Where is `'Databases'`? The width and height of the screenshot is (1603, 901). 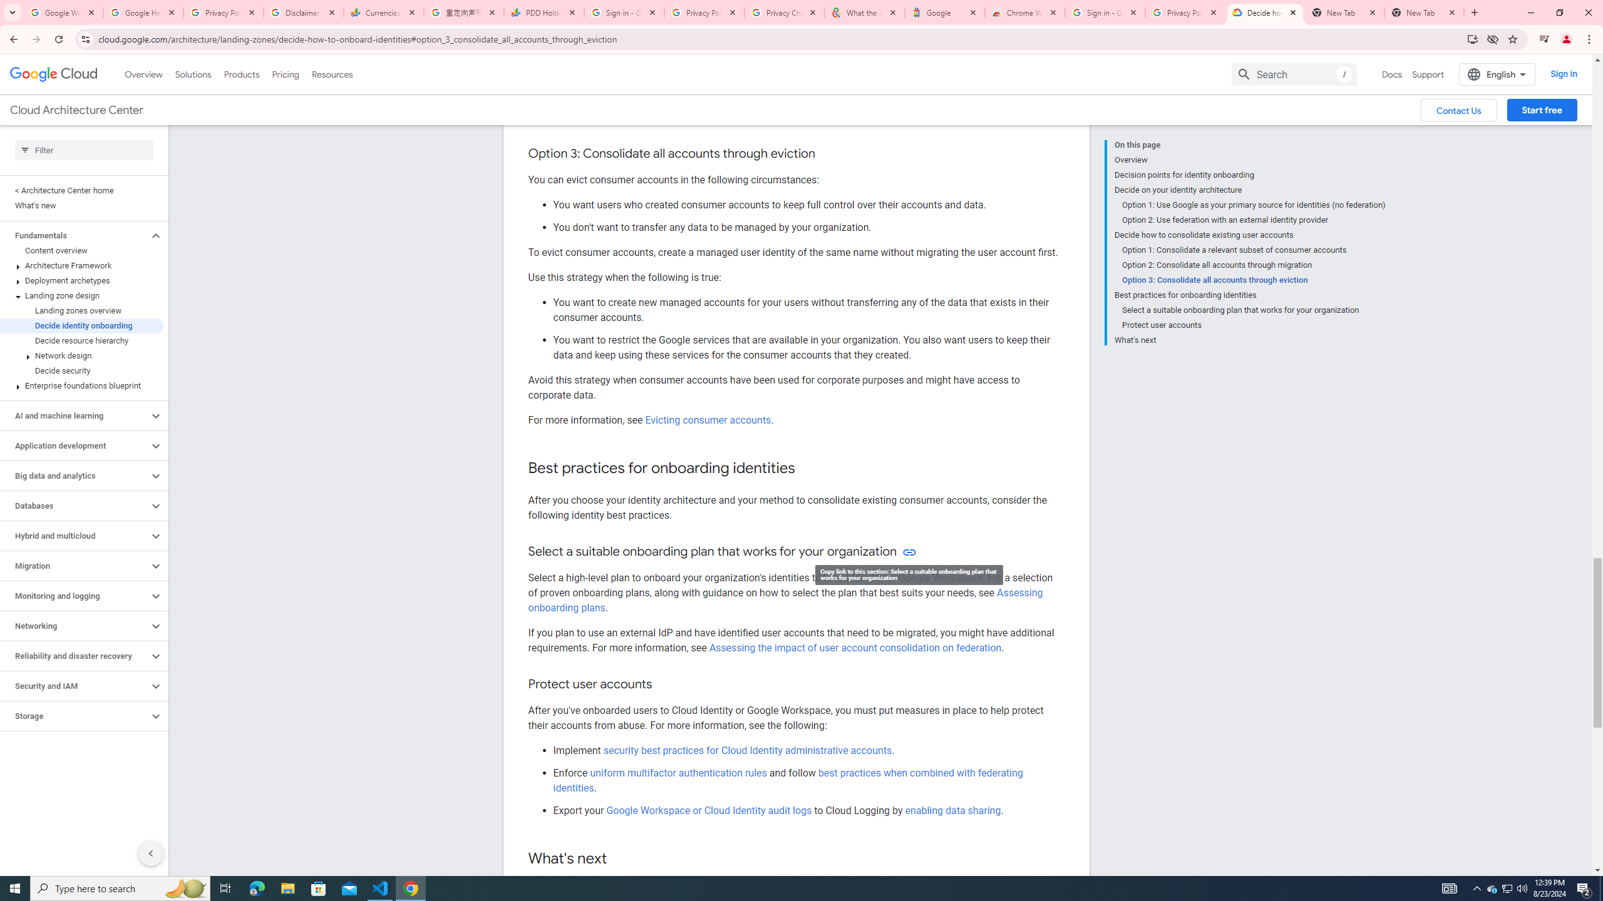
'Databases' is located at coordinates (74, 506).